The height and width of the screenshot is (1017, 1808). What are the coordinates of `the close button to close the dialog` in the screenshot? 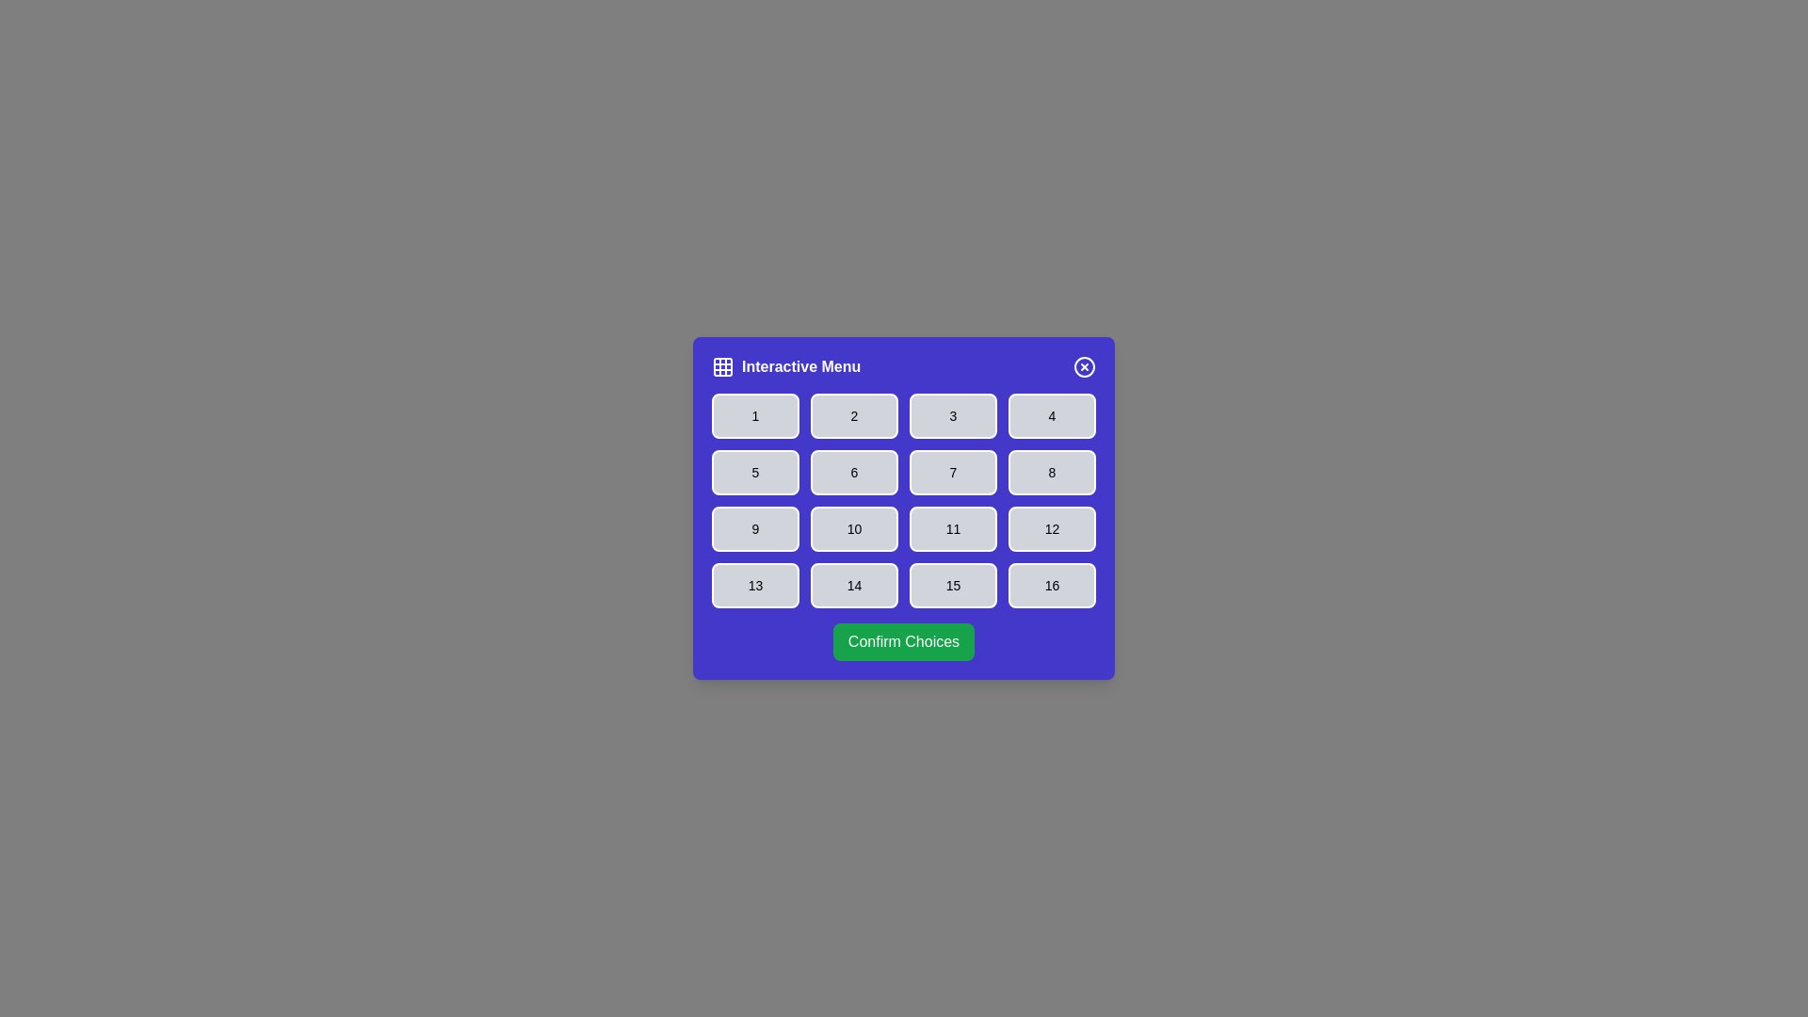 It's located at (1085, 366).